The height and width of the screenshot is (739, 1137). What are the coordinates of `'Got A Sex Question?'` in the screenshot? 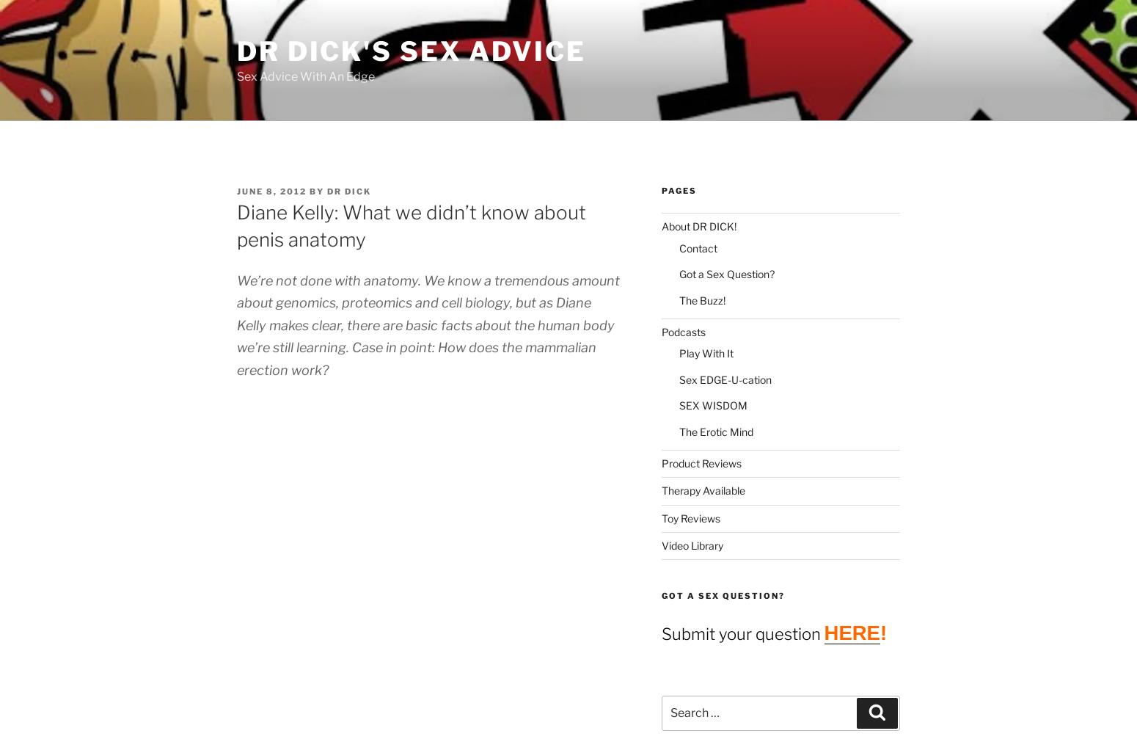 It's located at (722, 595).